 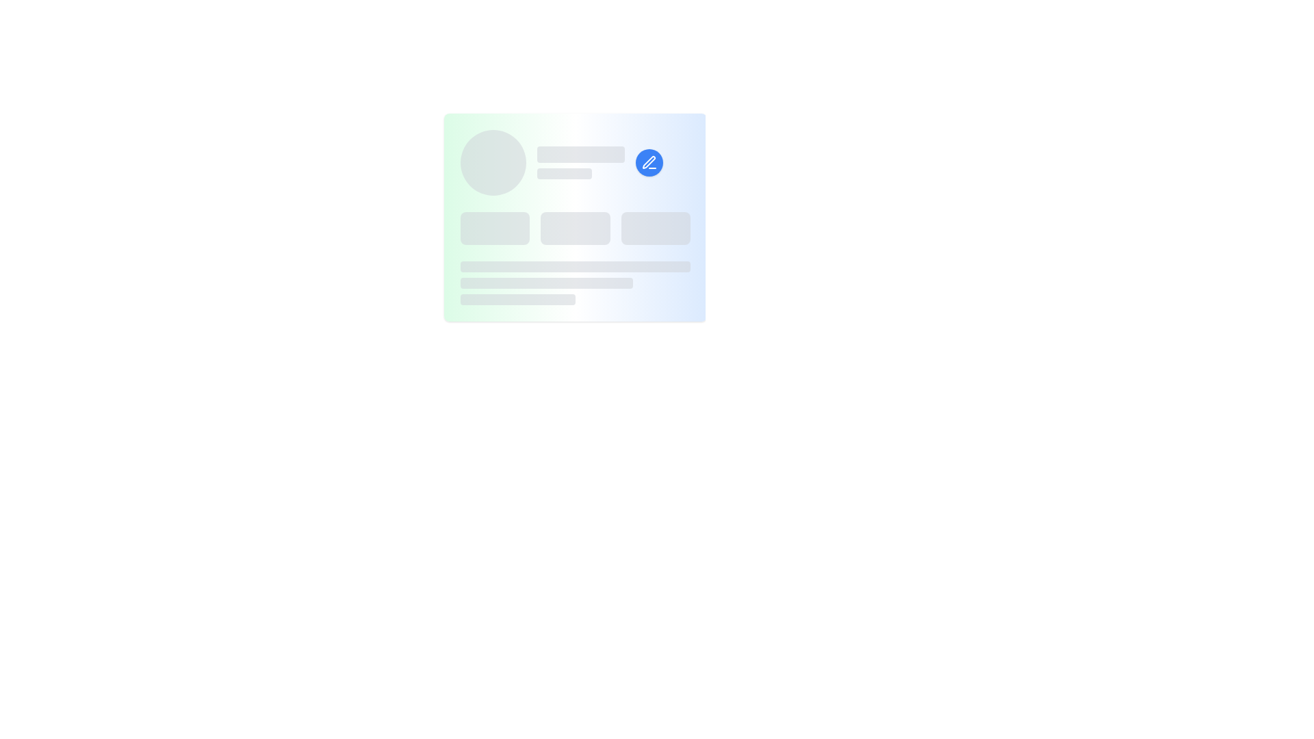 What do you see at coordinates (565, 173) in the screenshot?
I see `the Placeholder or Loading Indicator, which is a rounded rectangle with a gray background and an animated pulse effect, located below a larger sibling element` at bounding box center [565, 173].